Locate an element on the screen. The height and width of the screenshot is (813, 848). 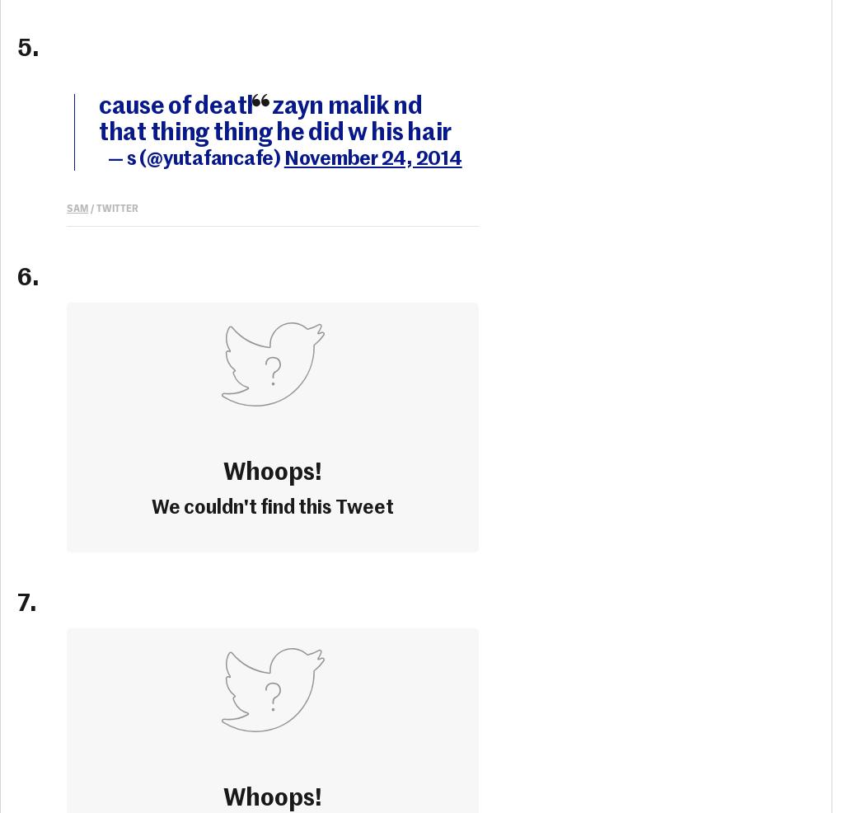
'cause of death: zayn malik nd that thing thing he did w his hair' is located at coordinates (275, 120).